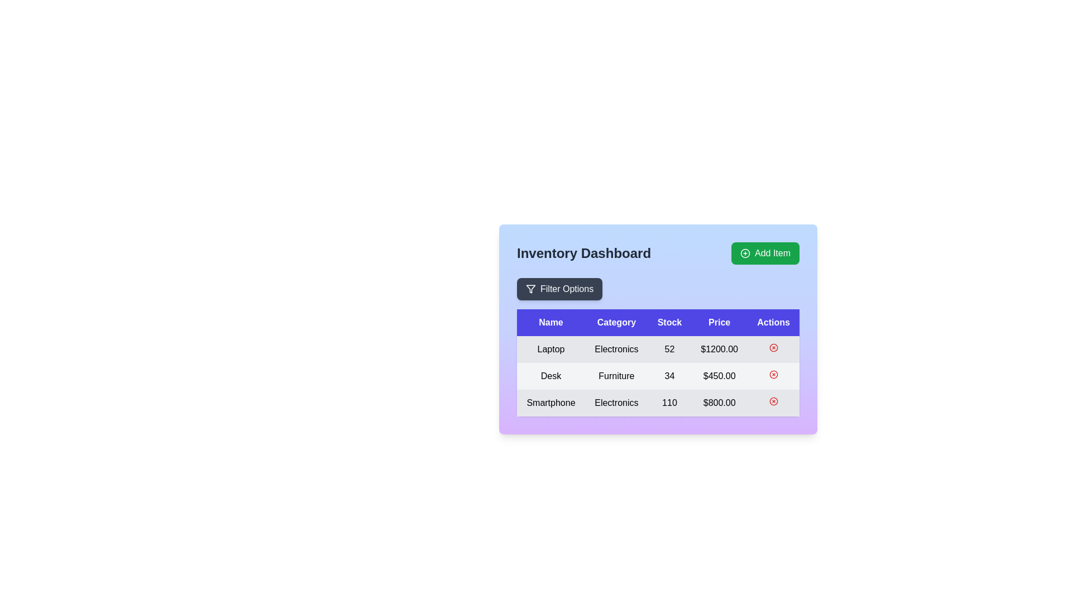 This screenshot has height=603, width=1072. I want to click on the table row displaying 'Desk' under the headers 'Name', 'Category', 'Stock', 'Price', and 'Actions', so click(658, 376).